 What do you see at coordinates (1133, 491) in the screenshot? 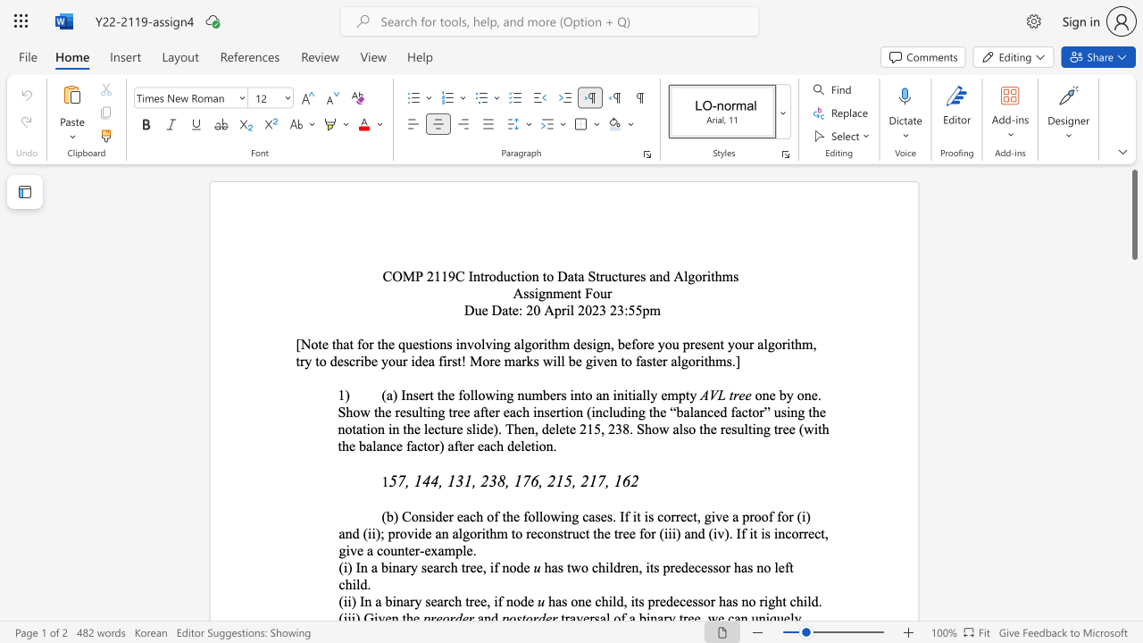
I see `the scrollbar on the right` at bounding box center [1133, 491].